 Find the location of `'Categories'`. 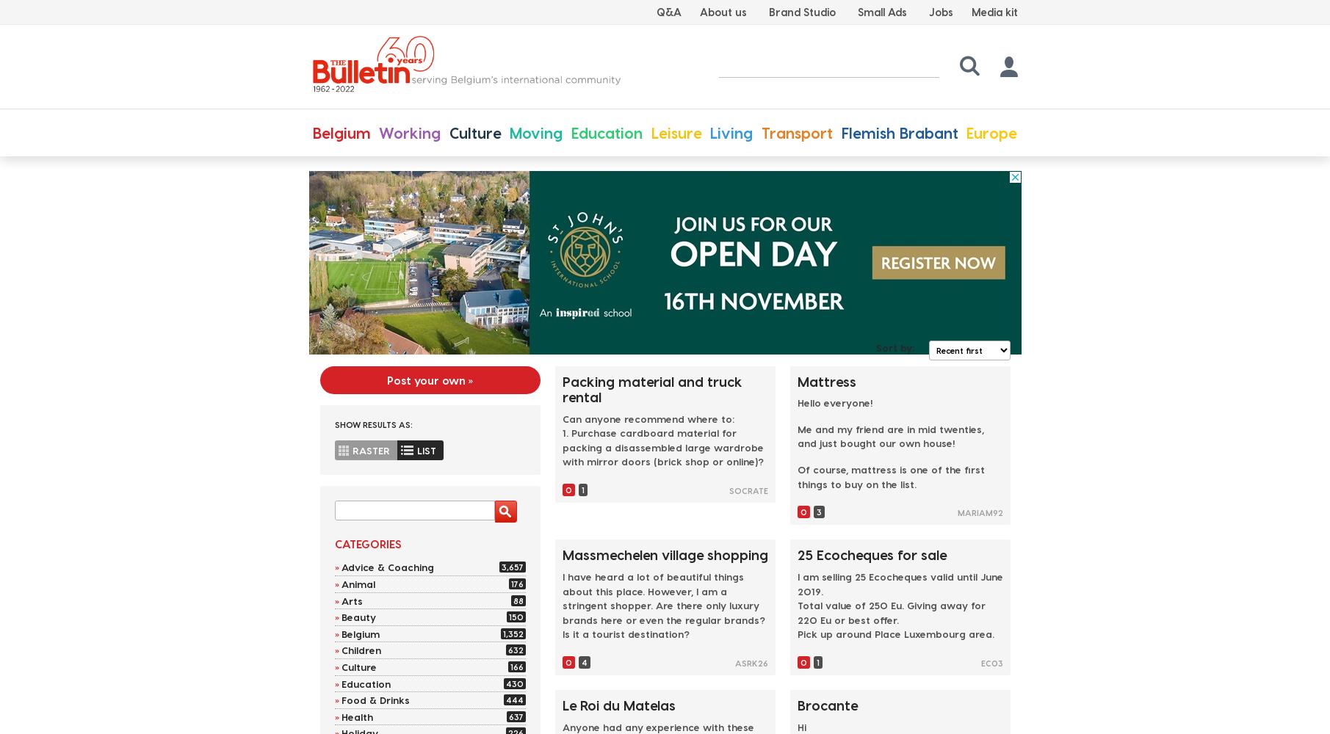

'Categories' is located at coordinates (333, 542).